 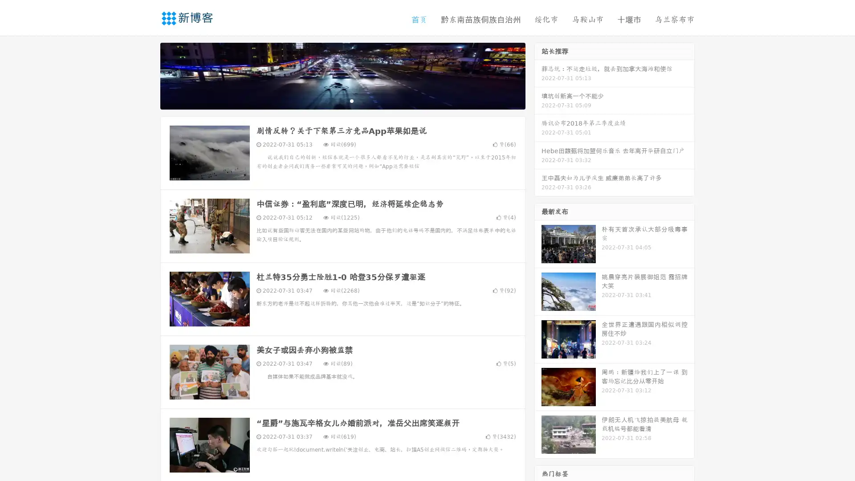 I want to click on Next slide, so click(x=538, y=75).